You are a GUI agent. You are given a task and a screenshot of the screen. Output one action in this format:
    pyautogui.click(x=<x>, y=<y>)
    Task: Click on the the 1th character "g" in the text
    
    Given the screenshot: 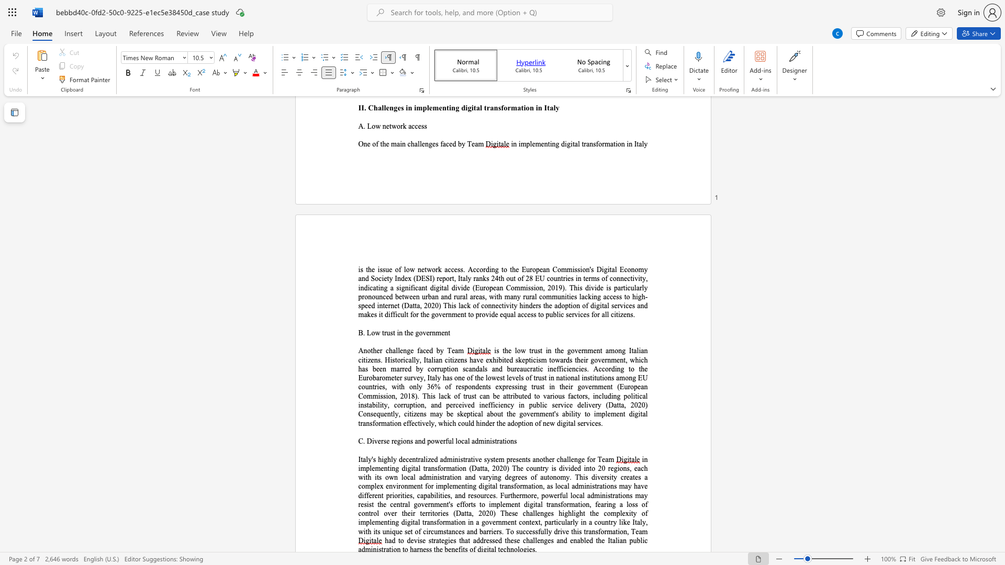 What is the action you would take?
    pyautogui.click(x=408, y=351)
    